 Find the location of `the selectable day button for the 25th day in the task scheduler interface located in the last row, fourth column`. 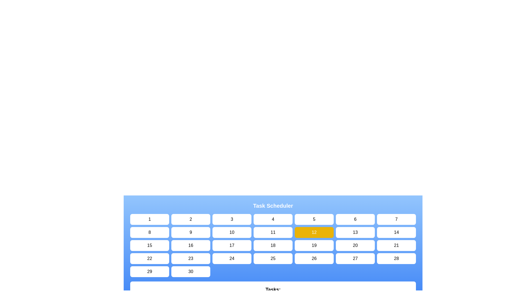

the selectable day button for the 25th day in the task scheduler interface located in the last row, fourth column is located at coordinates (273, 258).